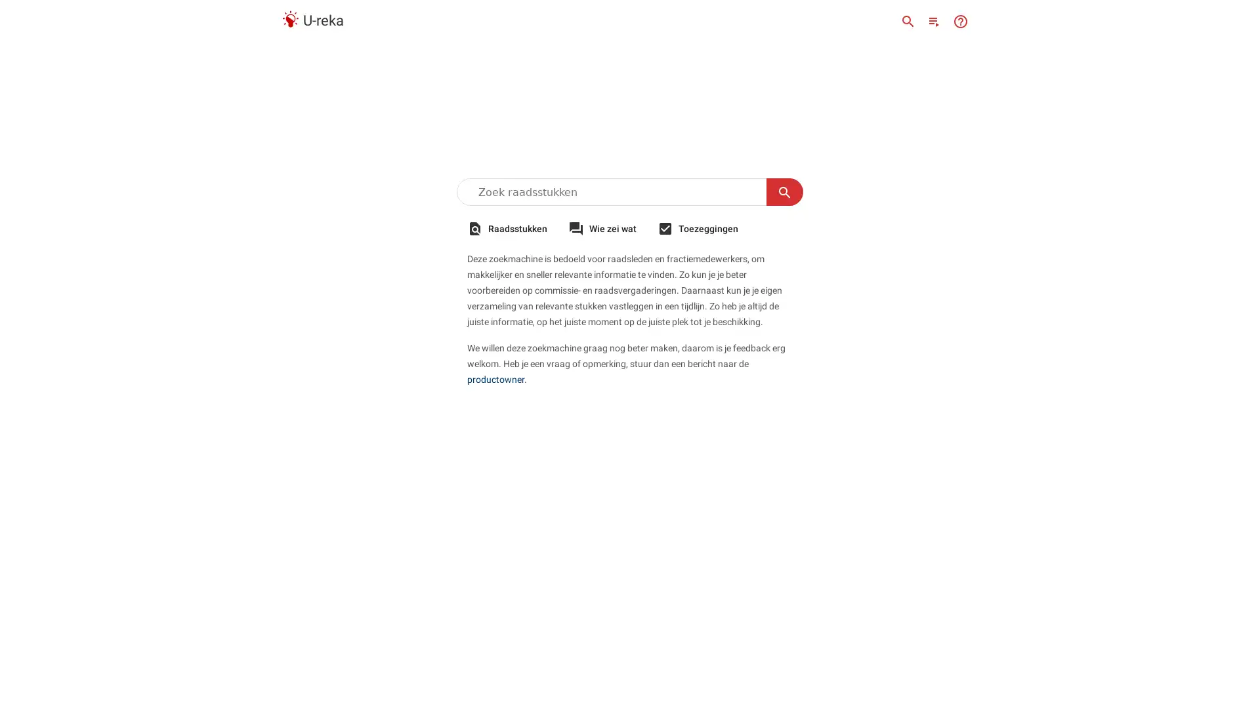 This screenshot has height=708, width=1260. What do you see at coordinates (934, 20) in the screenshot?
I see `Tijdlijn` at bounding box center [934, 20].